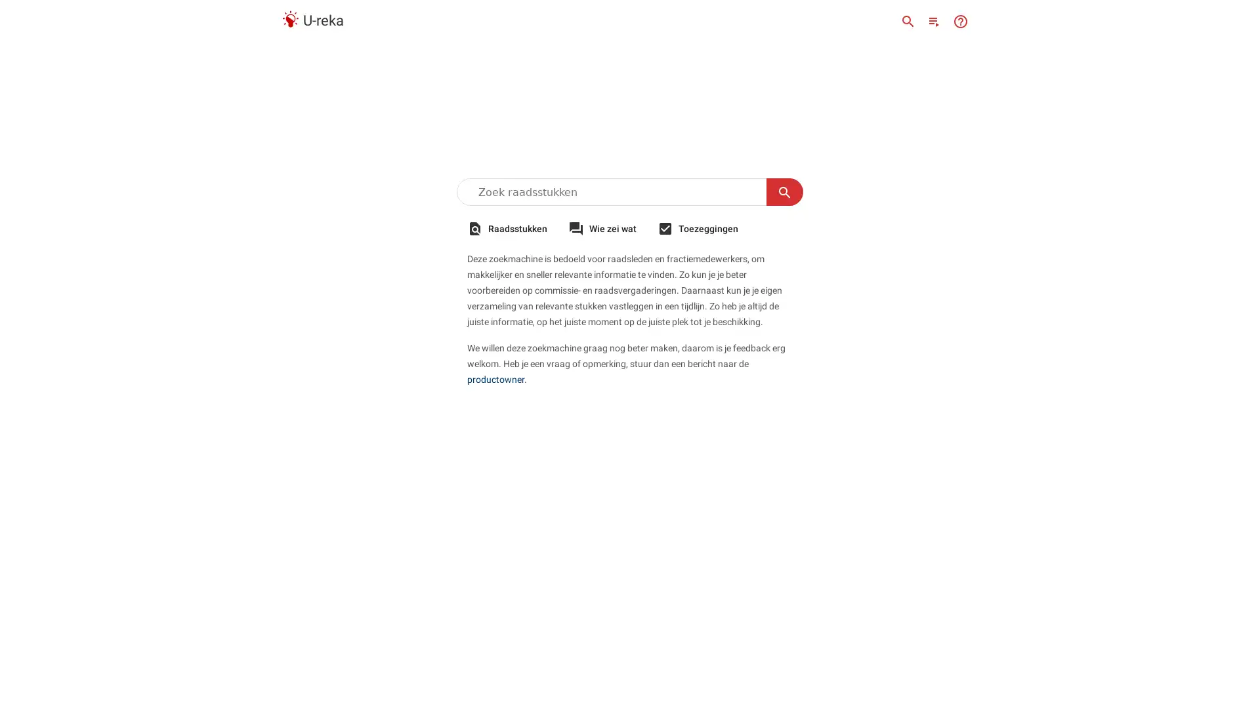 This screenshot has height=708, width=1260. What do you see at coordinates (934, 20) in the screenshot?
I see `Tijdlijn` at bounding box center [934, 20].